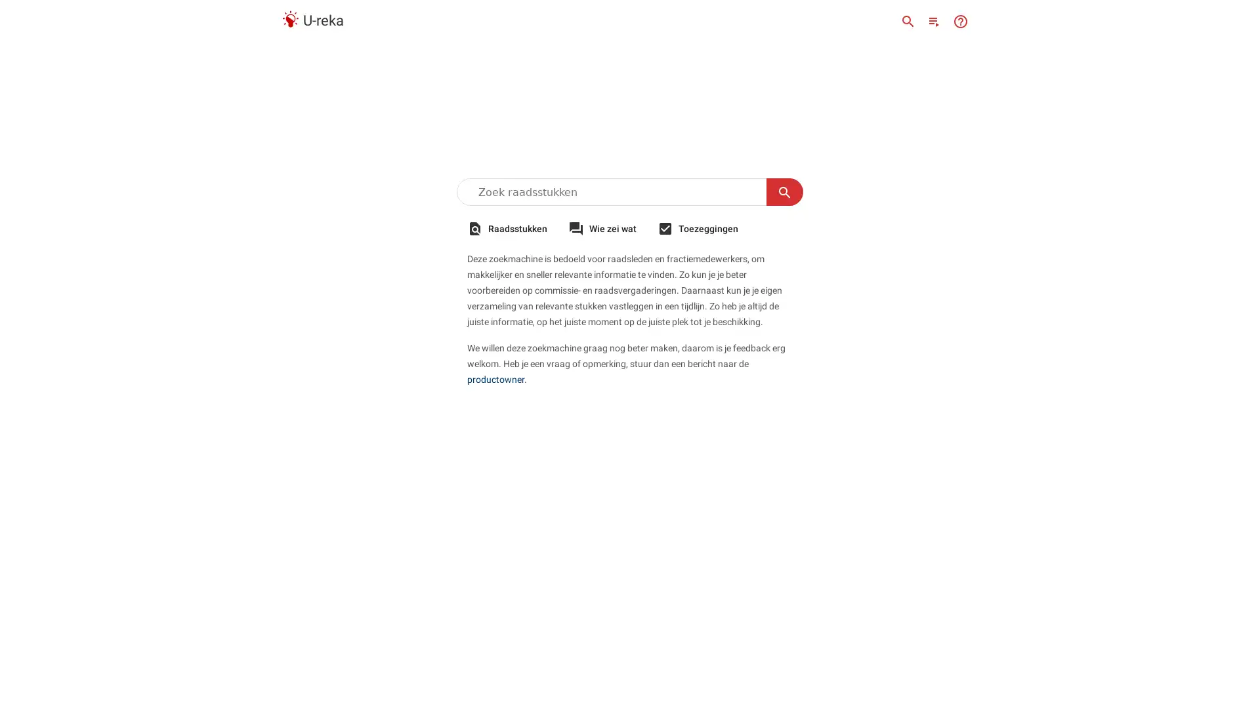 This screenshot has height=708, width=1260. What do you see at coordinates (934, 20) in the screenshot?
I see `Tijdlijn` at bounding box center [934, 20].